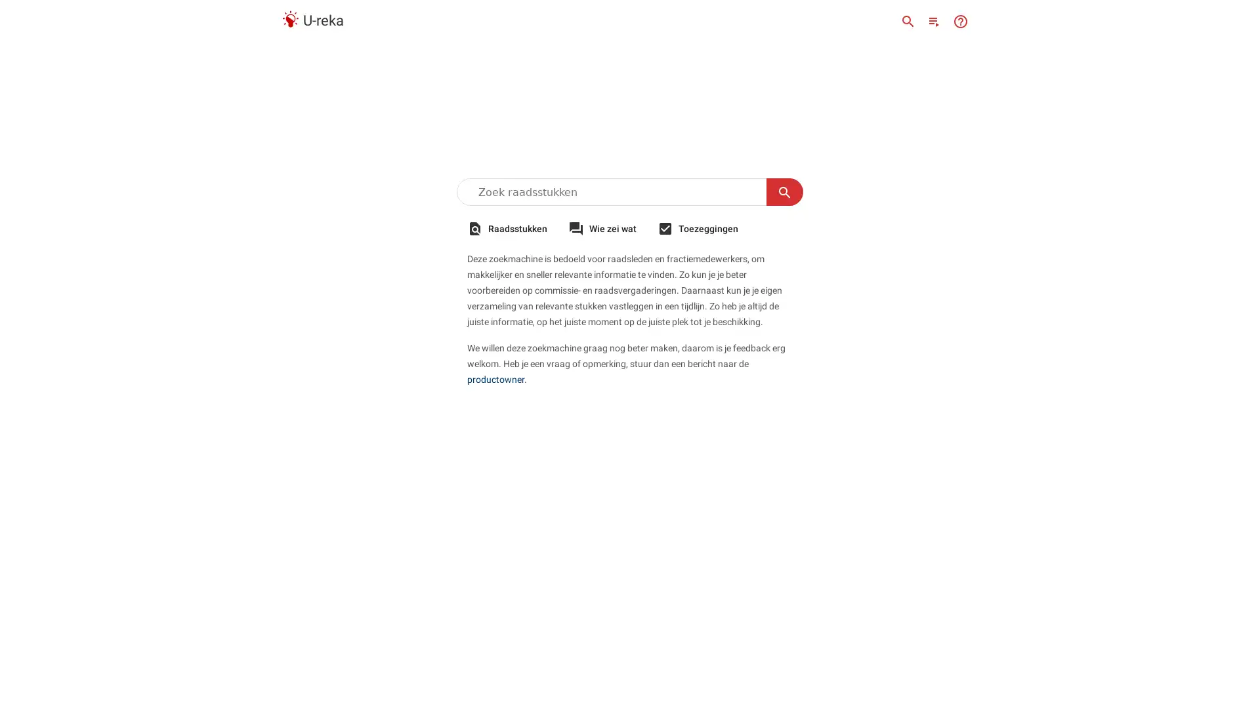 This screenshot has height=708, width=1260. What do you see at coordinates (934, 20) in the screenshot?
I see `Tijdlijn` at bounding box center [934, 20].